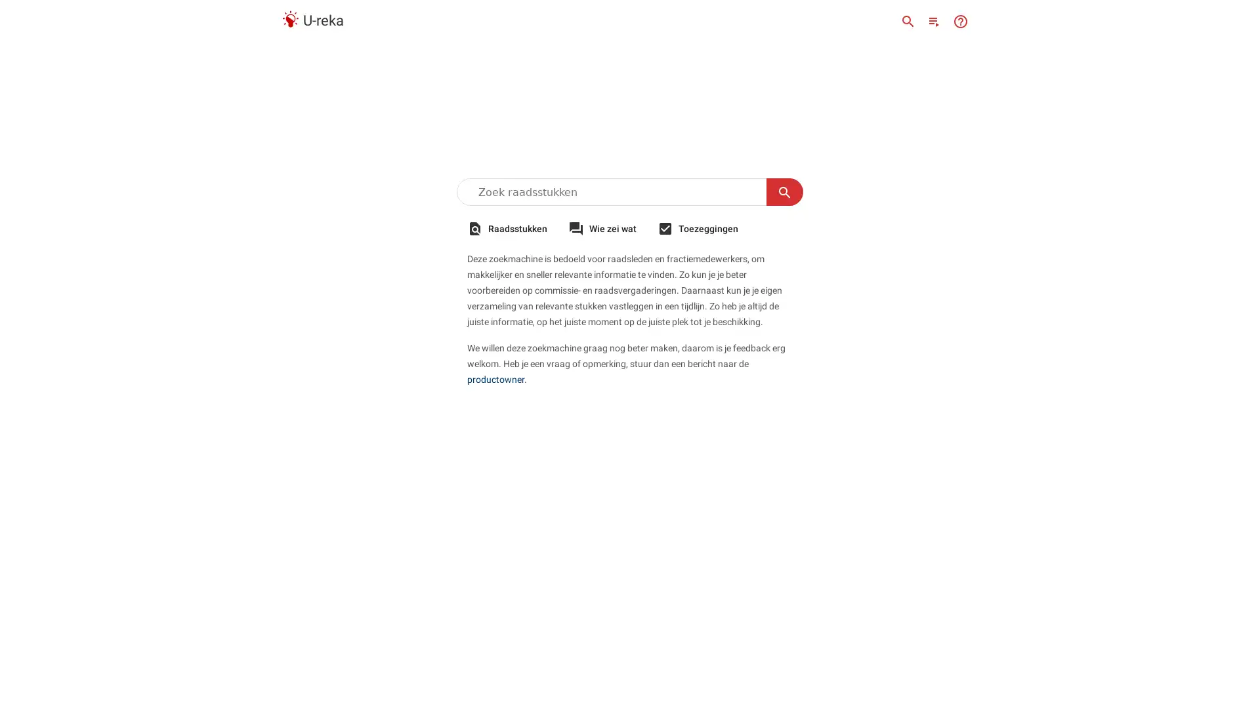 This screenshot has height=708, width=1260. What do you see at coordinates (934, 20) in the screenshot?
I see `Tijdlijn` at bounding box center [934, 20].